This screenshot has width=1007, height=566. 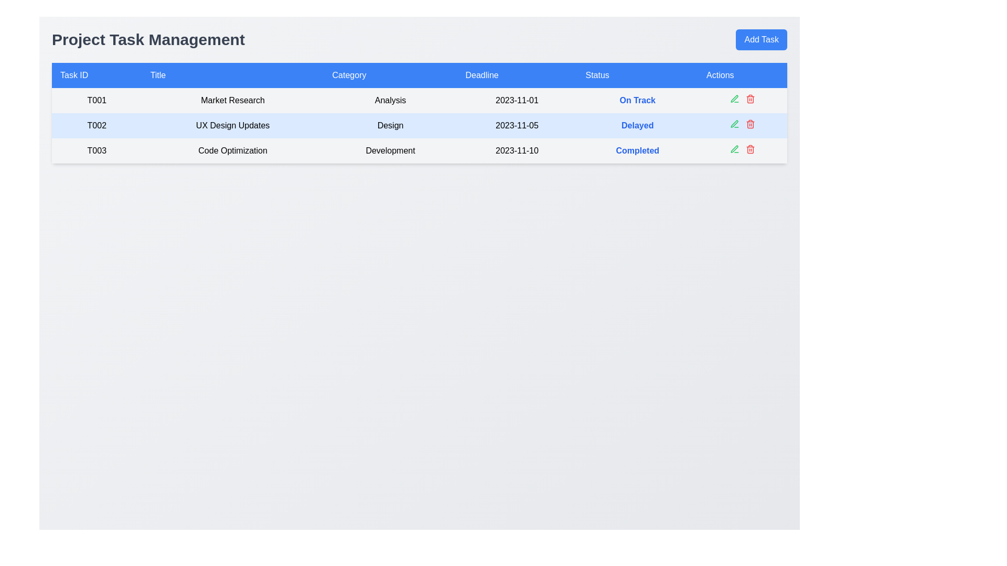 What do you see at coordinates (232, 151) in the screenshot?
I see `text element serving as the title of the task labeled 'T003' with a focus on 'Code Optimization', located in the third row of the table under the 'Title' column` at bounding box center [232, 151].